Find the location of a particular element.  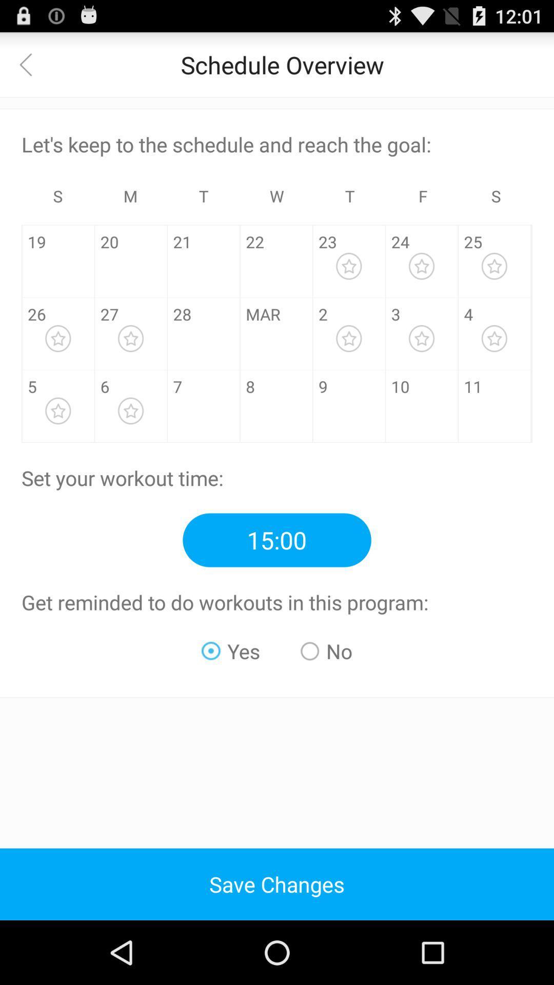

the yes radio button is located at coordinates (231, 651).